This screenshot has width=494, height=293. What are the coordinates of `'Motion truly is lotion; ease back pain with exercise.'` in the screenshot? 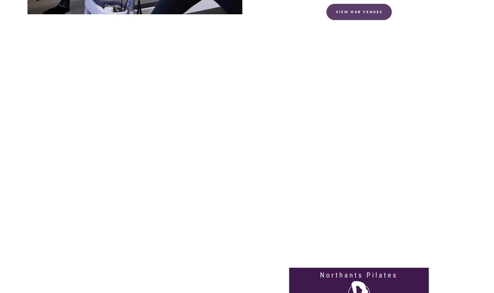 It's located at (109, 213).